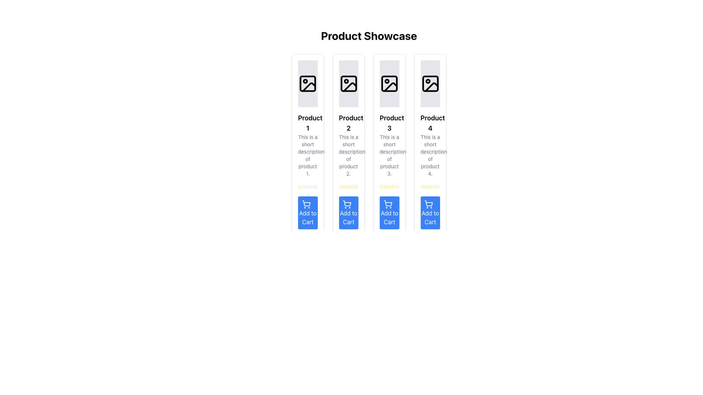 Image resolution: width=703 pixels, height=395 pixels. What do you see at coordinates (430, 186) in the screenshot?
I see `the fourth star icon in the rating bar for 'Product 4'` at bounding box center [430, 186].